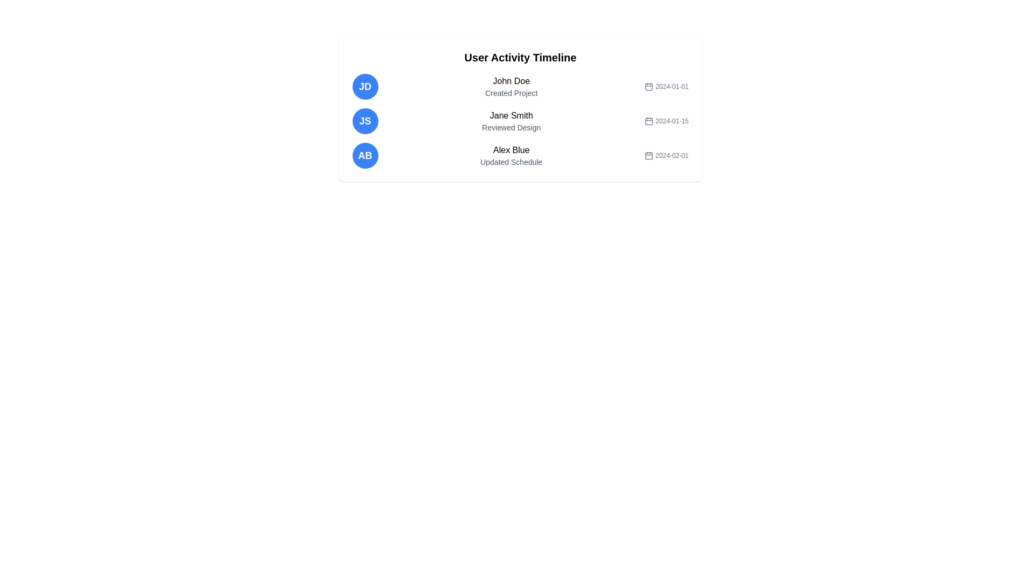 The image size is (1035, 582). What do you see at coordinates (520, 121) in the screenshot?
I see `the second user activity entry in the User Activity Timeline, which features a circular avatar with initials, a user name, and an activity description` at bounding box center [520, 121].